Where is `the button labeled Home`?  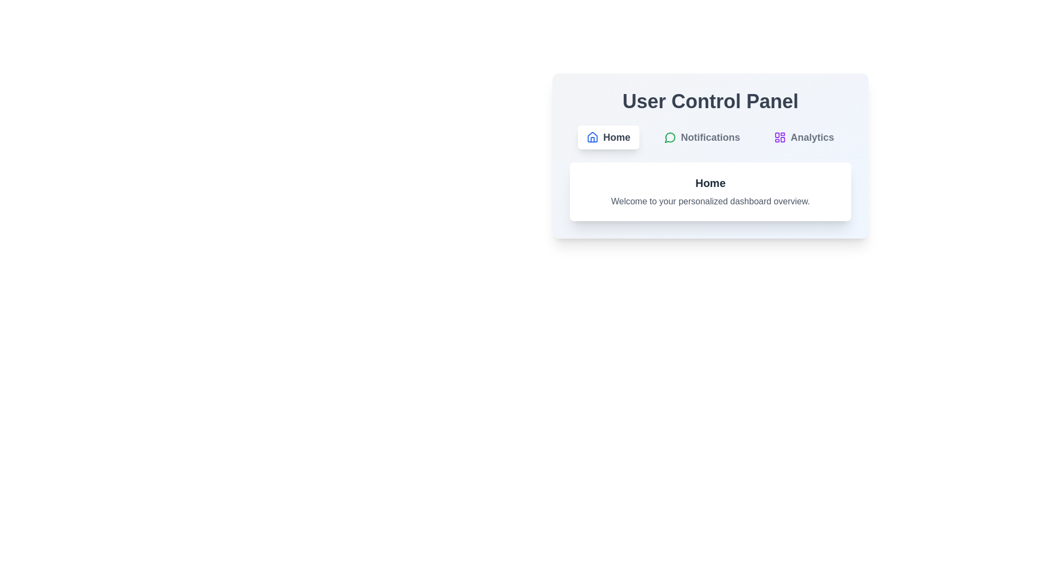
the button labeled Home is located at coordinates (607, 137).